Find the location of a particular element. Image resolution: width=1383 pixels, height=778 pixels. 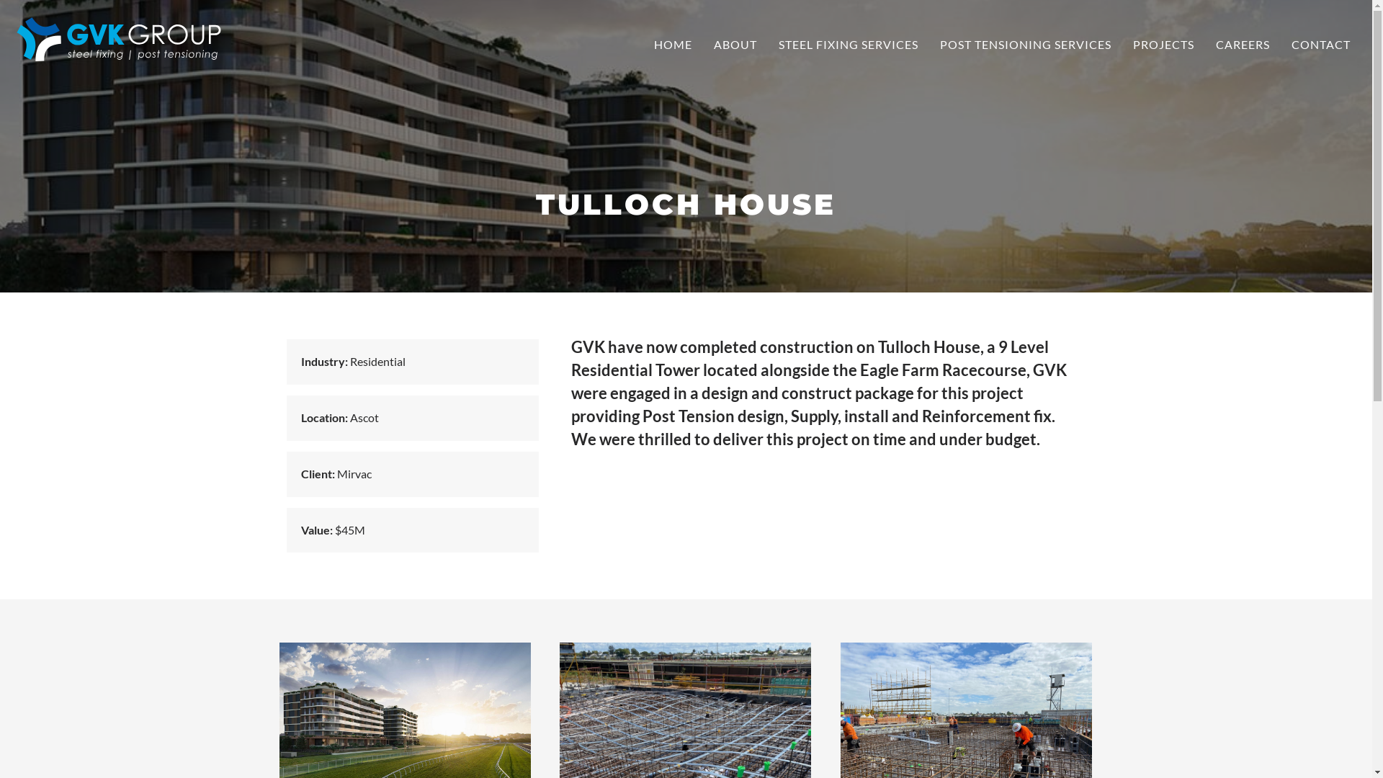

'CONTACT' is located at coordinates (1320, 44).